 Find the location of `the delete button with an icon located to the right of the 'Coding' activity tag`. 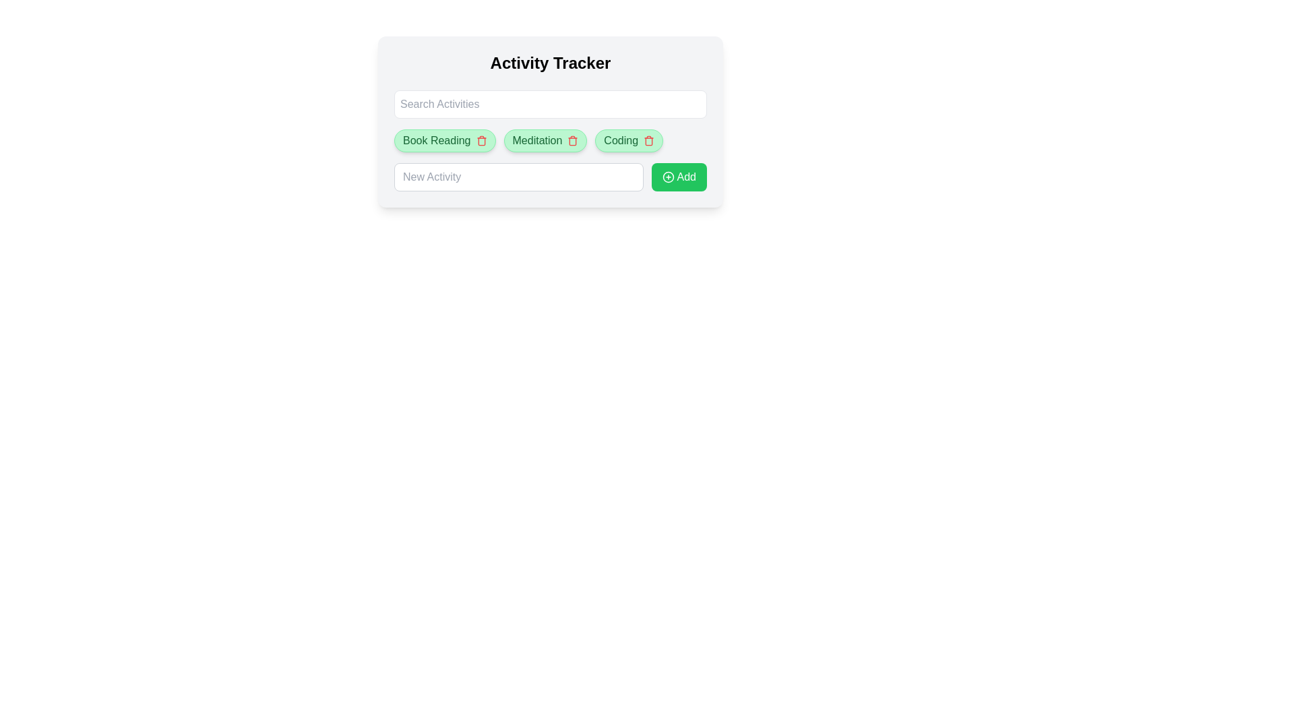

the delete button with an icon located to the right of the 'Coding' activity tag is located at coordinates (649, 140).